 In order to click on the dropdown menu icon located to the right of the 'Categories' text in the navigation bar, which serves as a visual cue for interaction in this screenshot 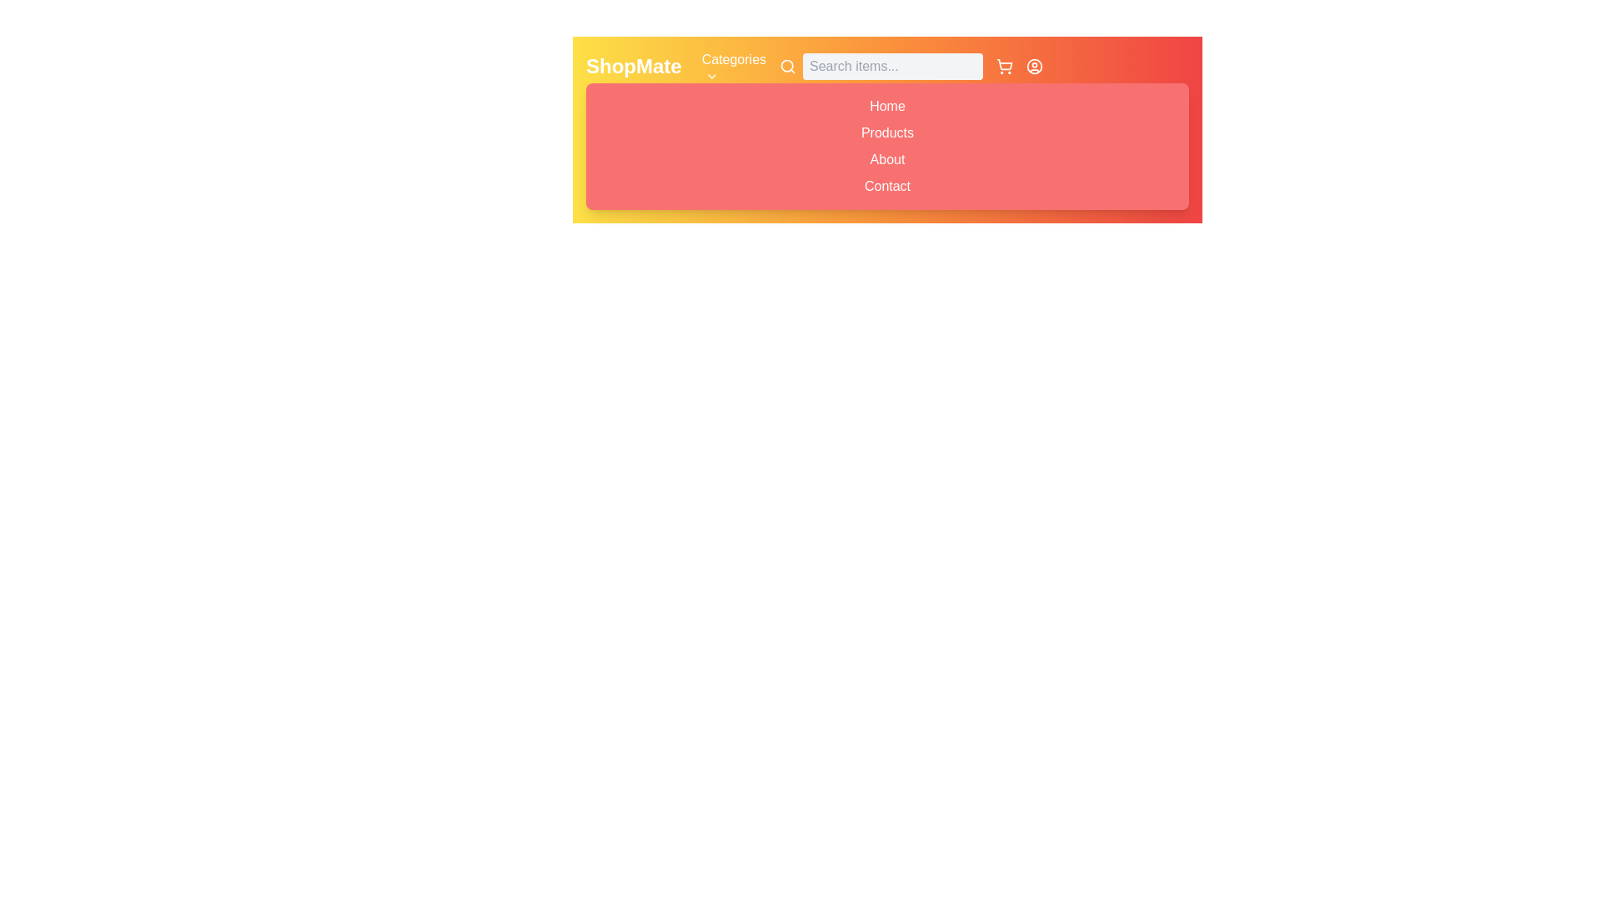, I will do `click(711, 77)`.